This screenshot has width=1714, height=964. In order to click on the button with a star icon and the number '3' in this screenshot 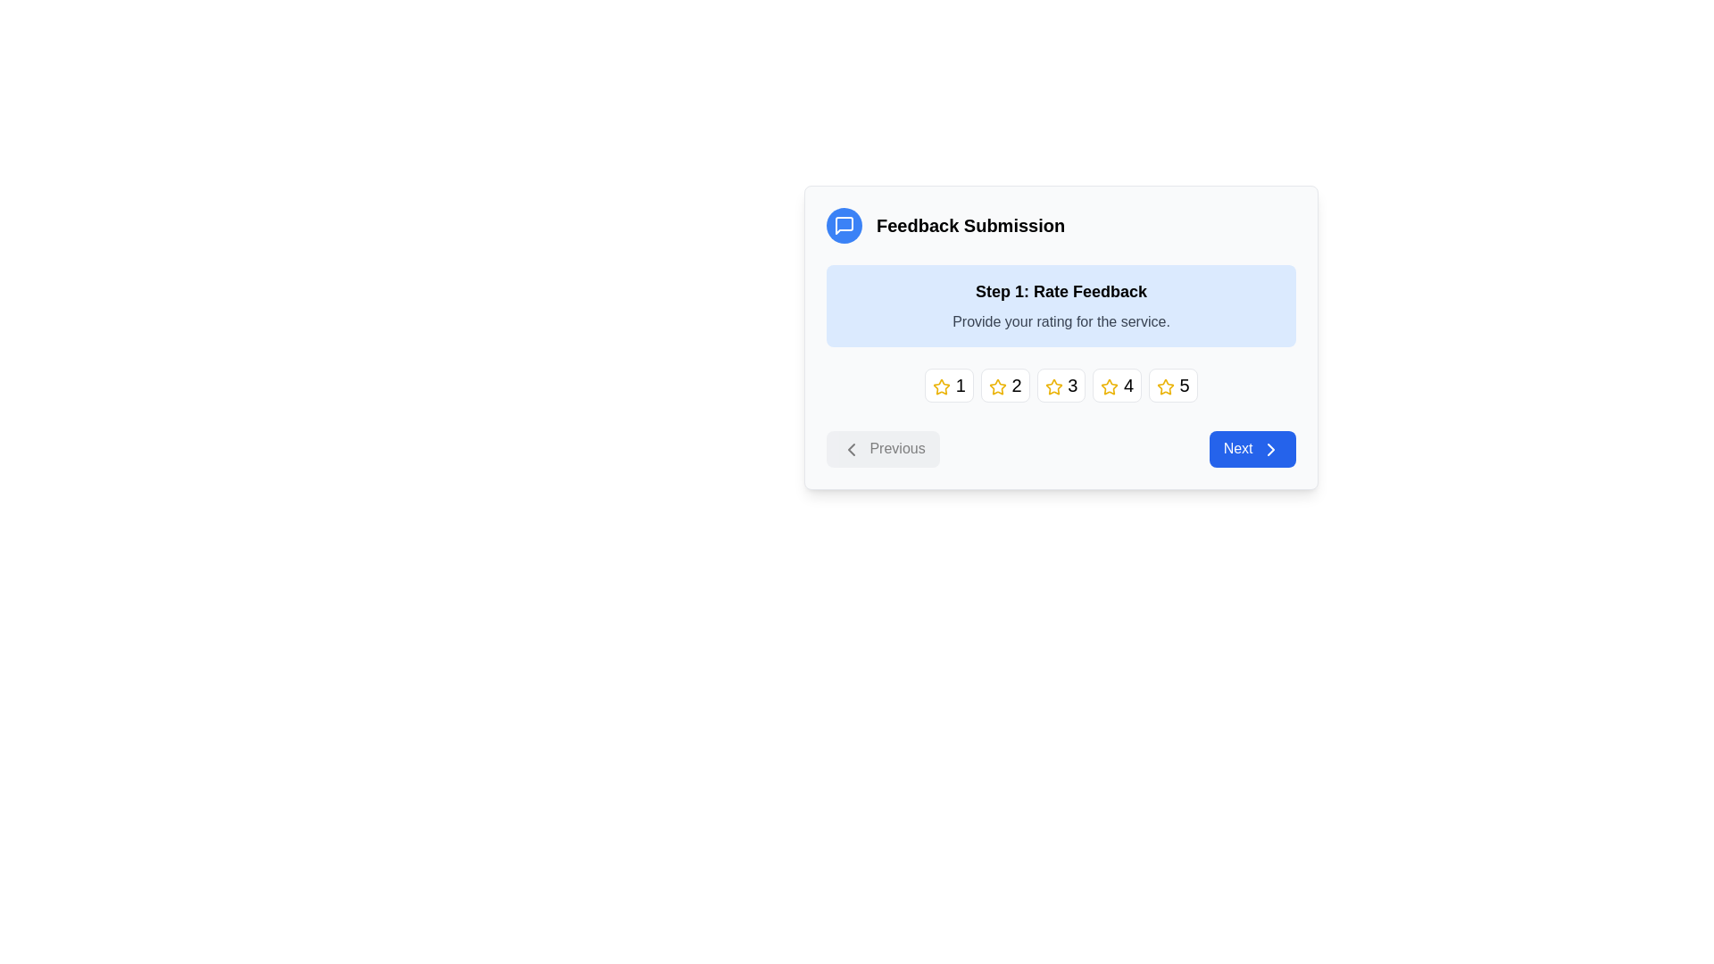, I will do `click(1061, 385)`.